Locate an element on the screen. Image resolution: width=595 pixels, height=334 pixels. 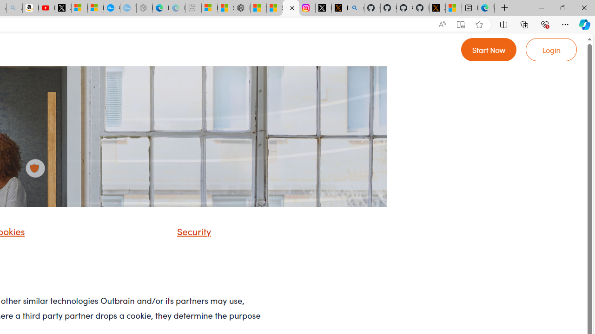
'Security' is located at coordinates (191, 230).